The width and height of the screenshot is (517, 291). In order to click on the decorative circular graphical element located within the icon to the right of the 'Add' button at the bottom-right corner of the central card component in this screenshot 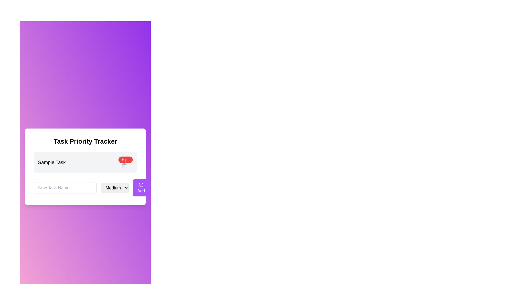, I will do `click(141, 184)`.